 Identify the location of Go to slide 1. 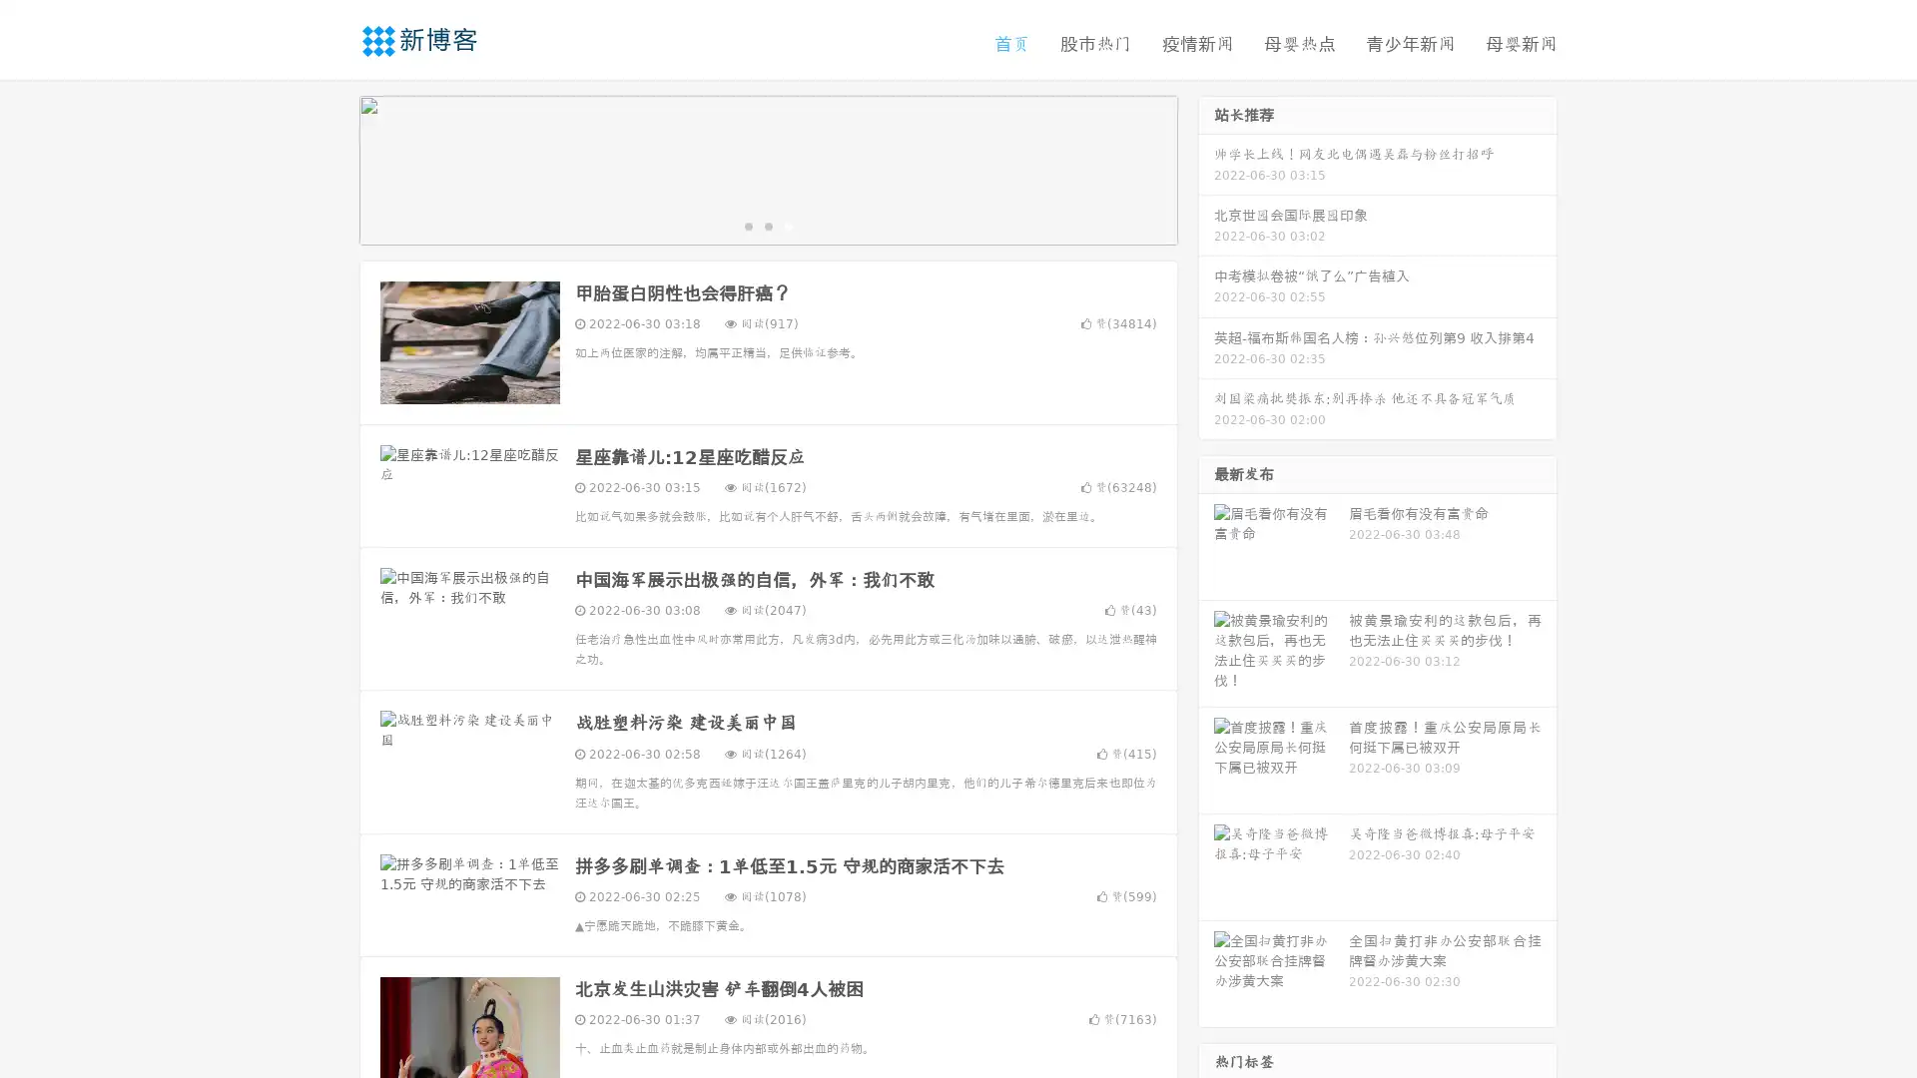
(747, 225).